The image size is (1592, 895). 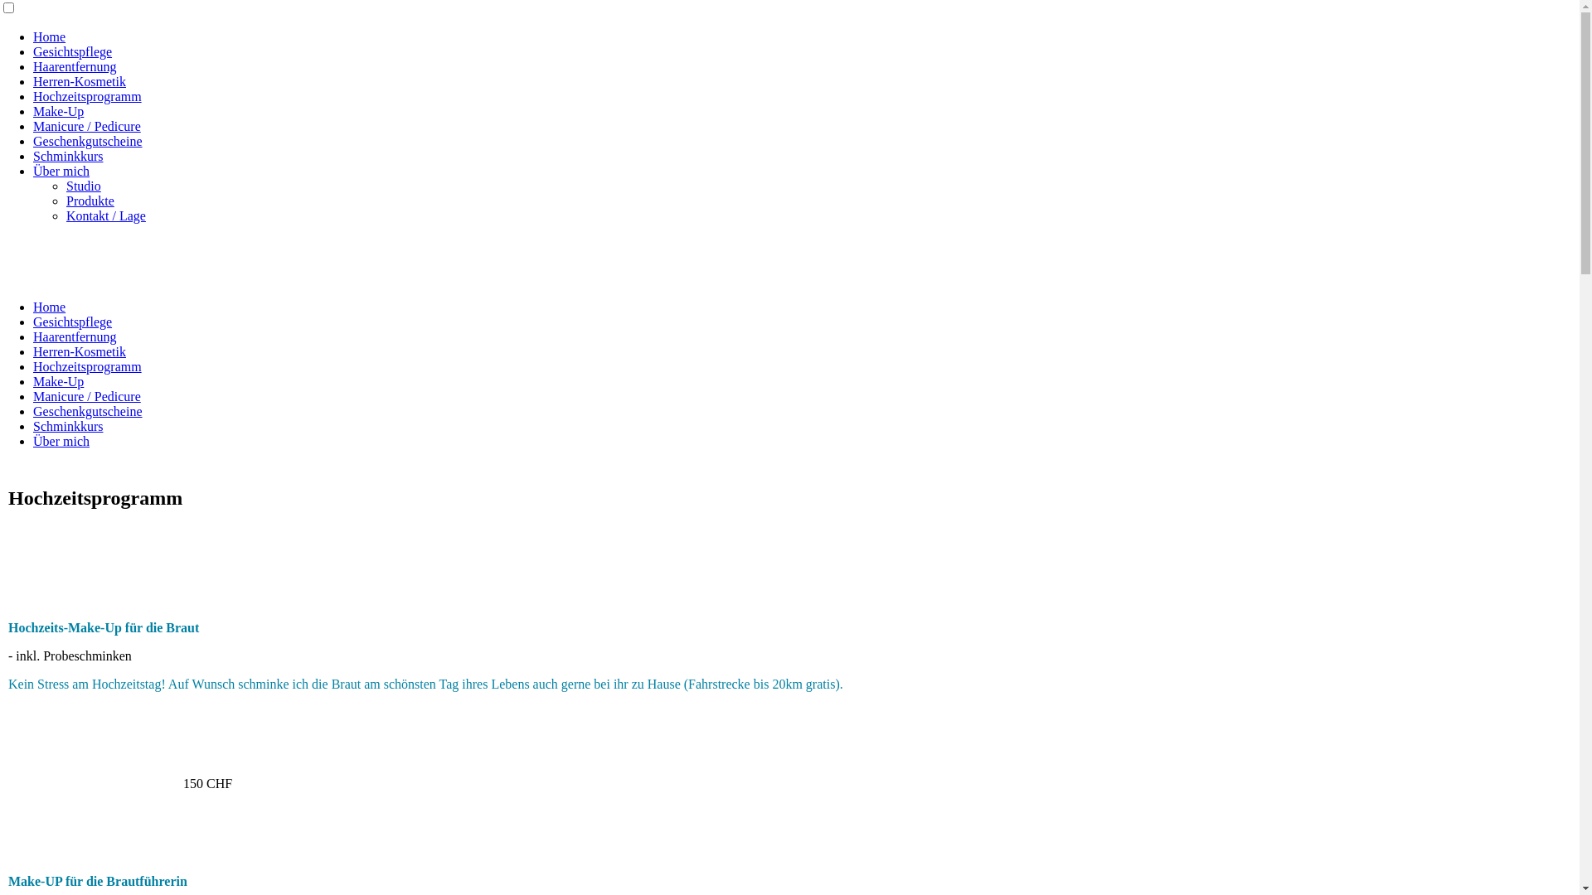 What do you see at coordinates (86, 140) in the screenshot?
I see `'Geschenkgutscheine'` at bounding box center [86, 140].